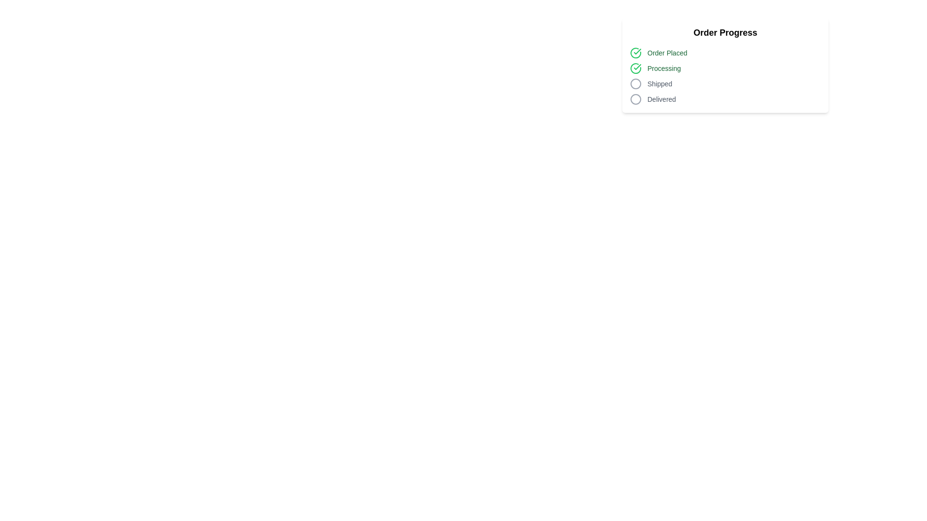 The height and width of the screenshot is (521, 927). What do you see at coordinates (725, 68) in the screenshot?
I see `the 'Processing' status indicator row, which is the second item under the 'Order Progress' title, to associate the status with its completion indicator` at bounding box center [725, 68].